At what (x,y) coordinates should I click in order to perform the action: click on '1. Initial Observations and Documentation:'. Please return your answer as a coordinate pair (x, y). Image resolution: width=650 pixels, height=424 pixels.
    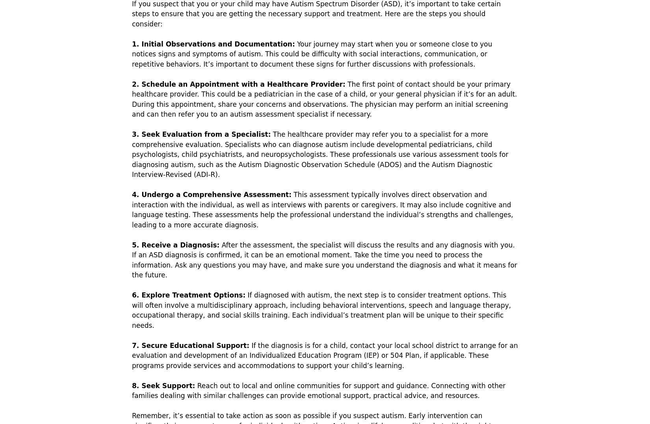
    Looking at the image, I should click on (213, 43).